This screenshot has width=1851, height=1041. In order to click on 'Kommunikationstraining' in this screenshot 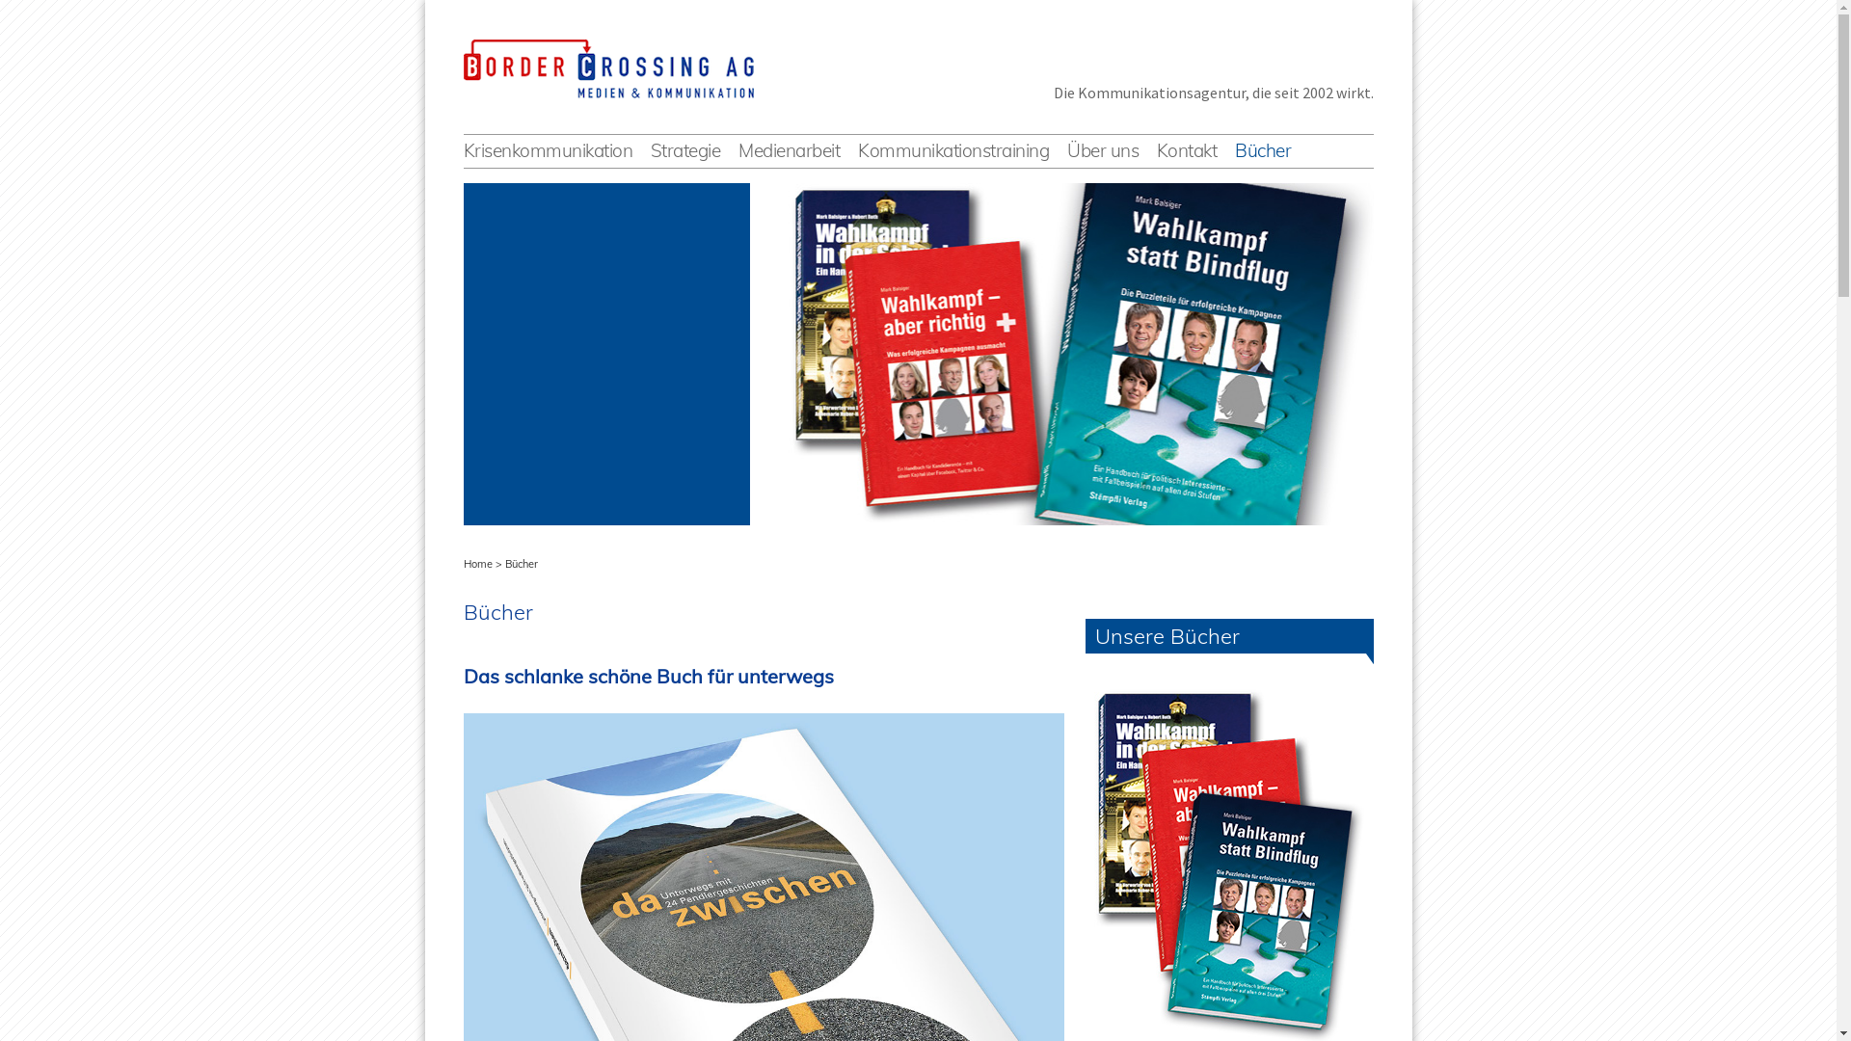, I will do `click(856, 149)`.